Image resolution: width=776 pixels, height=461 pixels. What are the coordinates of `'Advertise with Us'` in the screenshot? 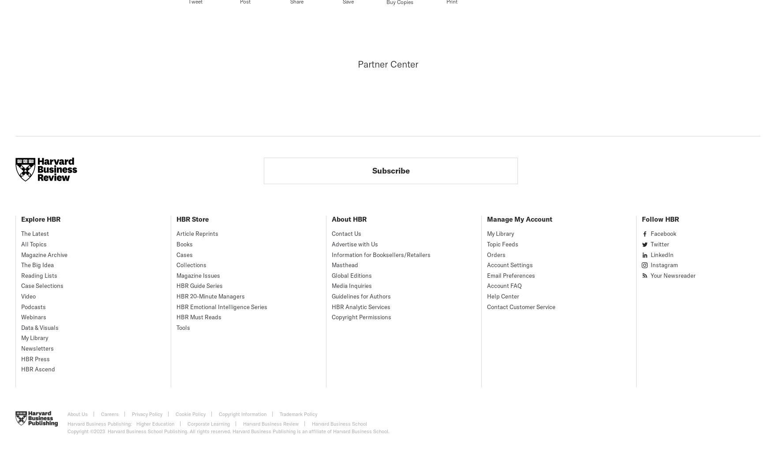 It's located at (354, 244).